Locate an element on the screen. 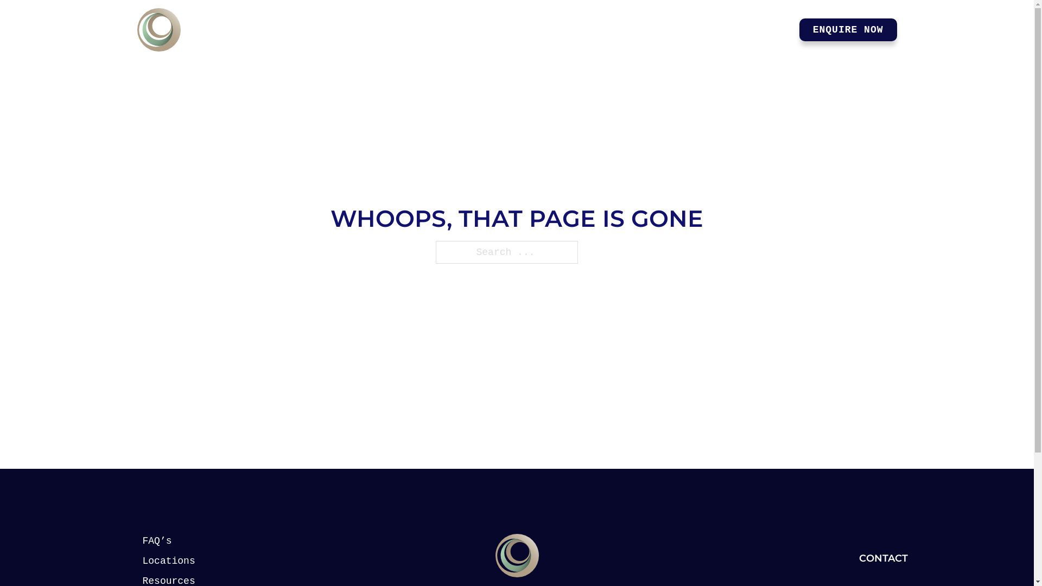  'HOME' is located at coordinates (481, 29).